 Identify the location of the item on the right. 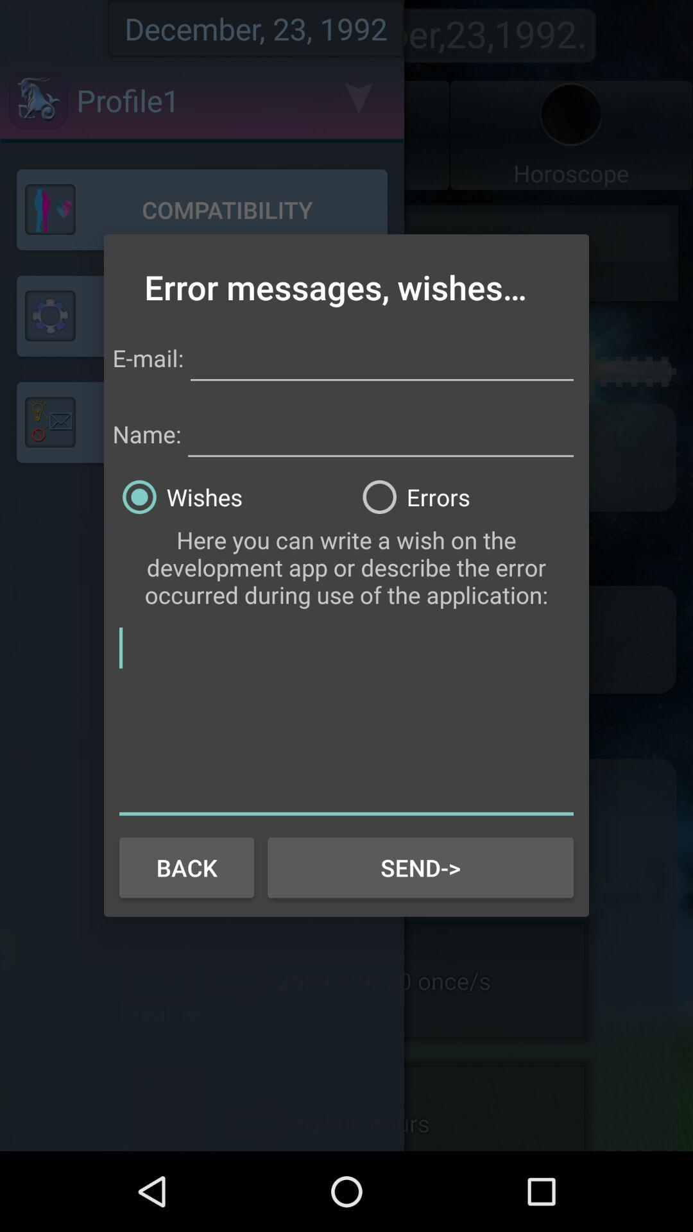
(466, 496).